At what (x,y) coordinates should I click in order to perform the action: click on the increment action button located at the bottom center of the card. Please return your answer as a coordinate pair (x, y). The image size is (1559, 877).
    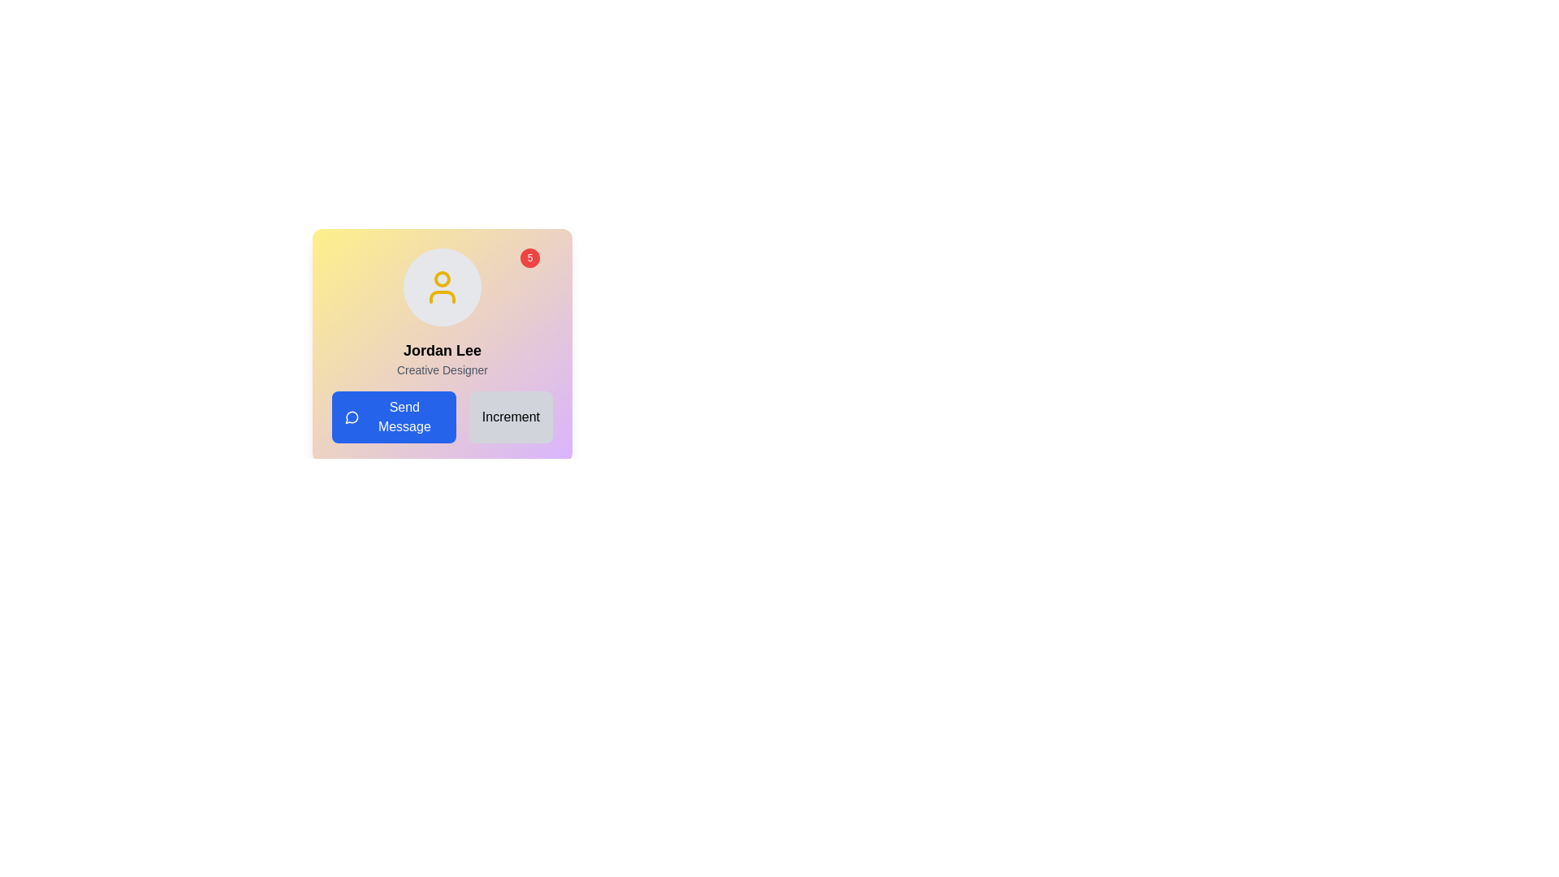
    Looking at the image, I should click on (510, 416).